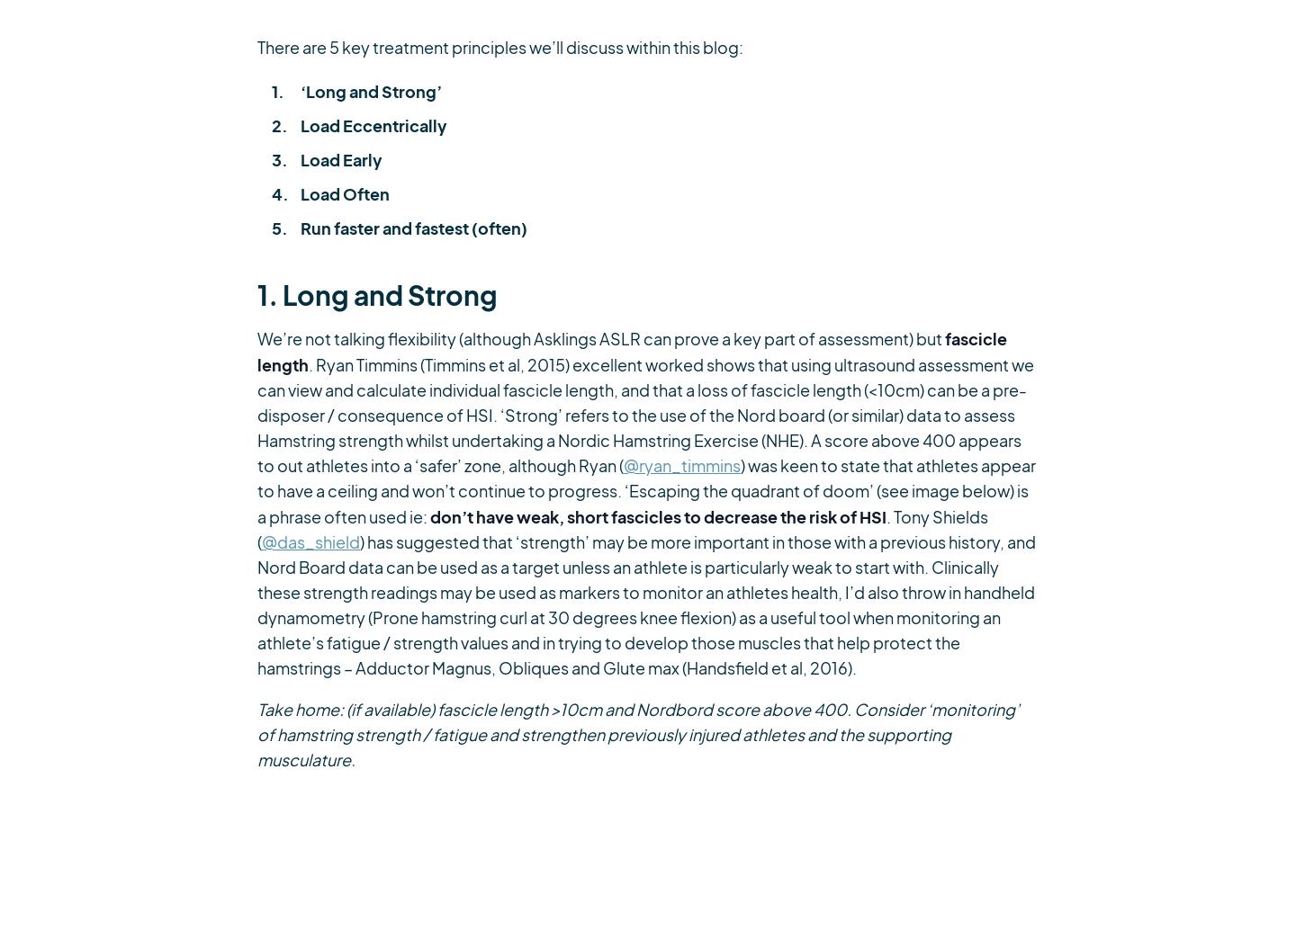 This screenshot has height=948, width=1296. Describe the element at coordinates (646, 490) in the screenshot. I see `') was keen to state that athletes appear to have a ceiling and won’t continue to progress. ‘Escaping the quadrant of doom’ (see image below) is a phrase often used ie:'` at that location.